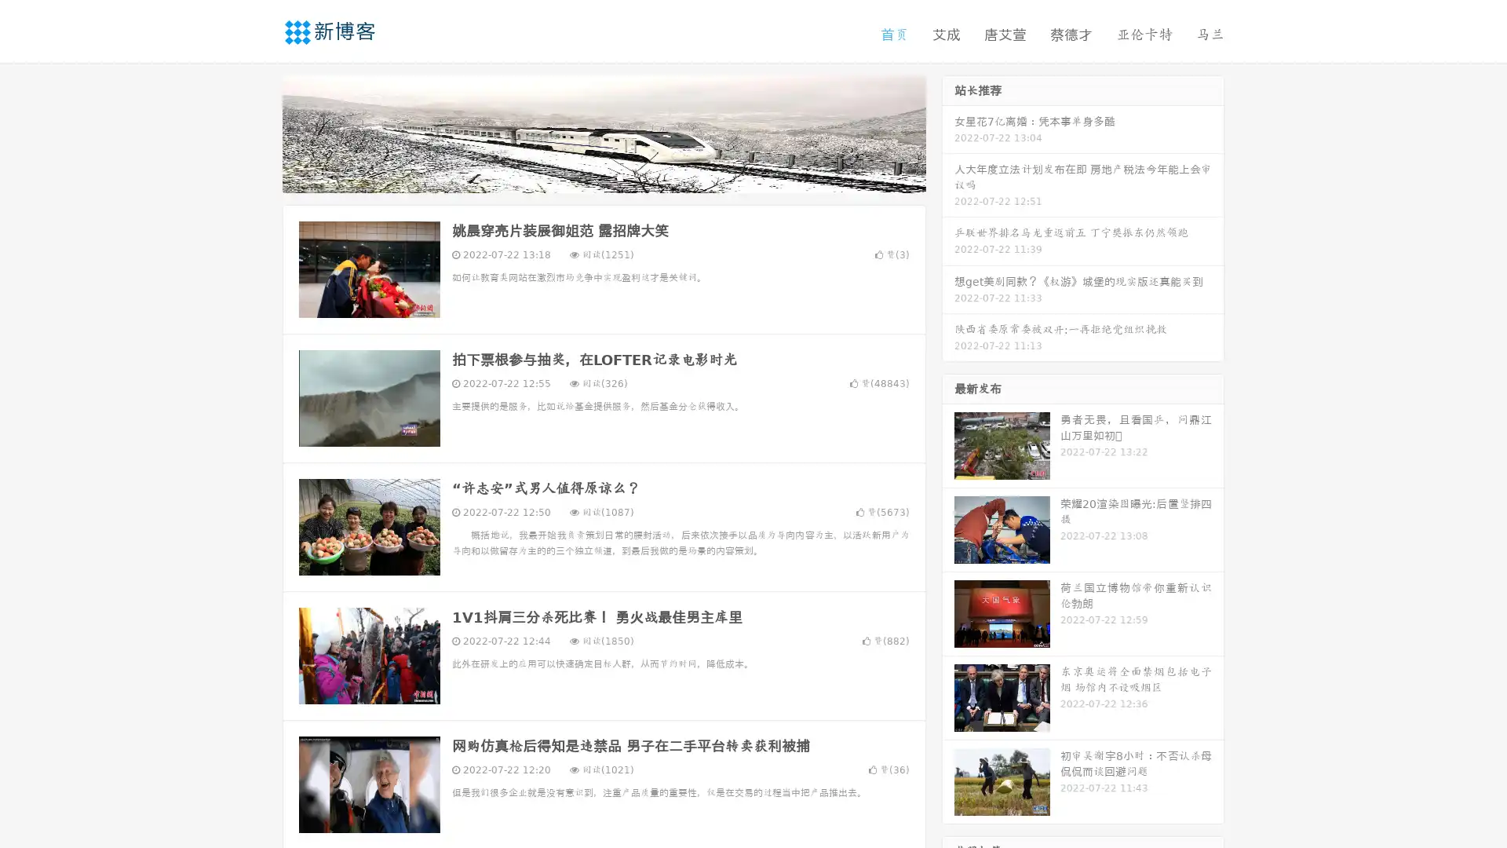  What do you see at coordinates (587, 177) in the screenshot?
I see `Go to slide 1` at bounding box center [587, 177].